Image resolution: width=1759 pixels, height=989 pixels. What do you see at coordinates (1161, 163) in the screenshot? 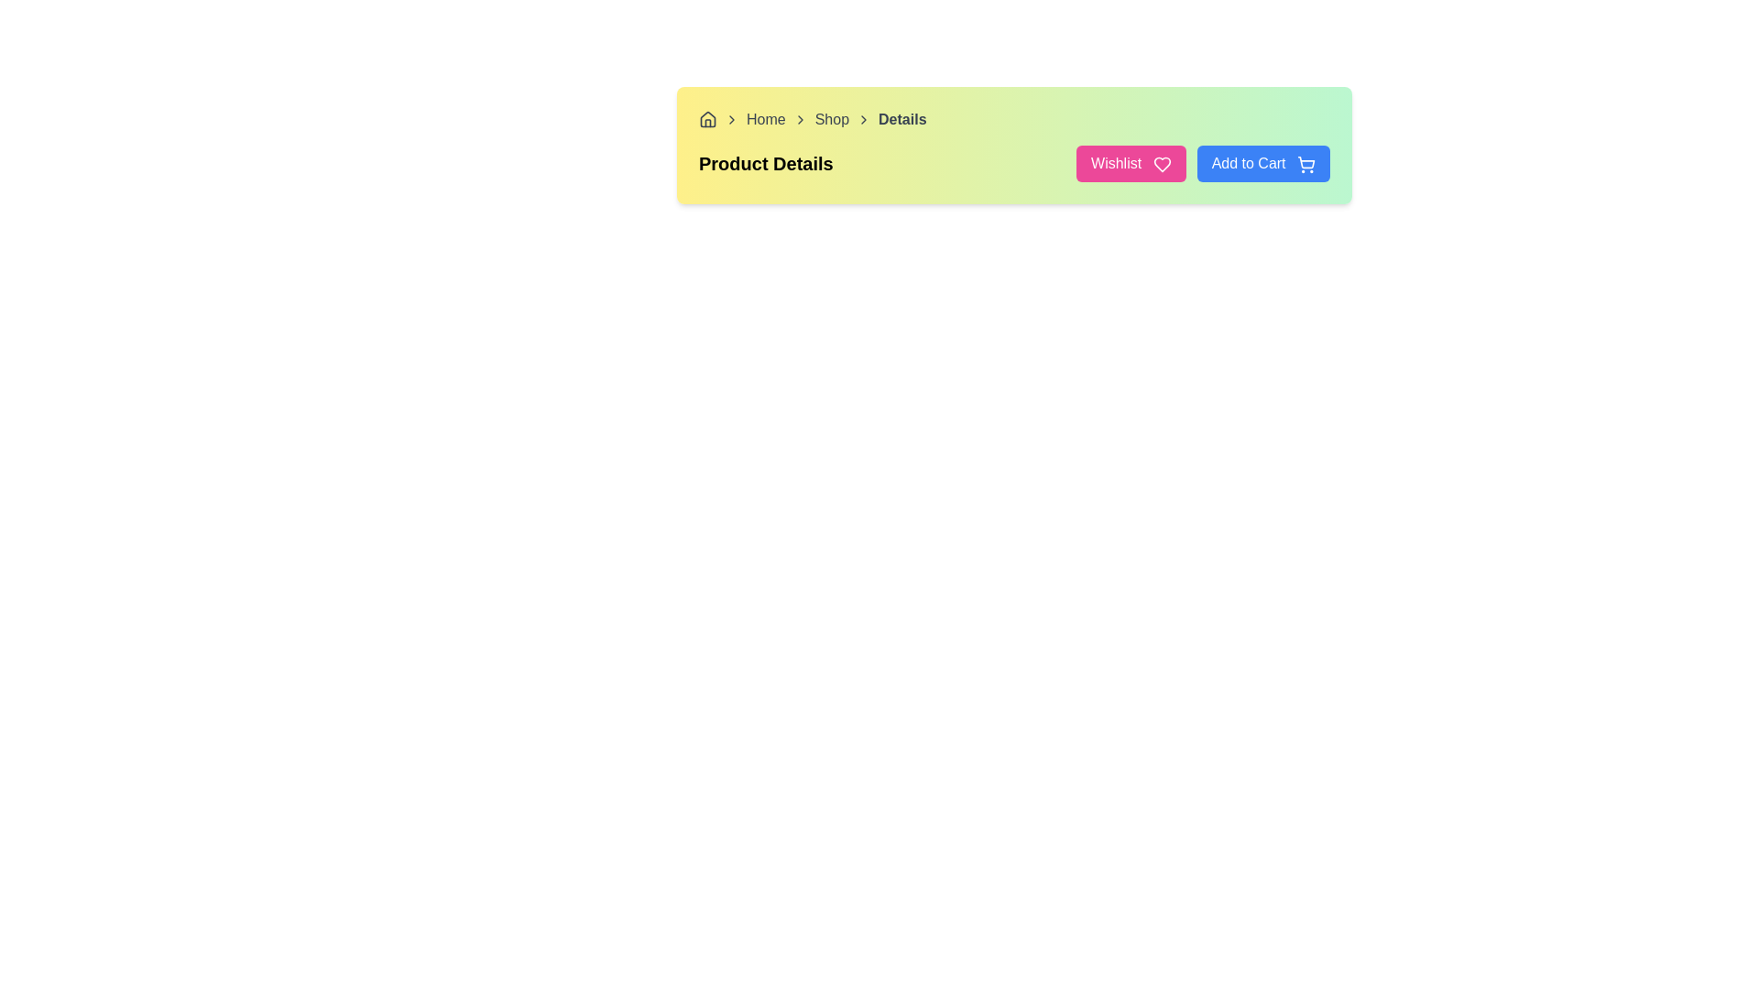
I see `the heart icon within the 'Wishlist' button, which has a minimalist design and a pink background, located on the top-right area of the view` at bounding box center [1161, 163].